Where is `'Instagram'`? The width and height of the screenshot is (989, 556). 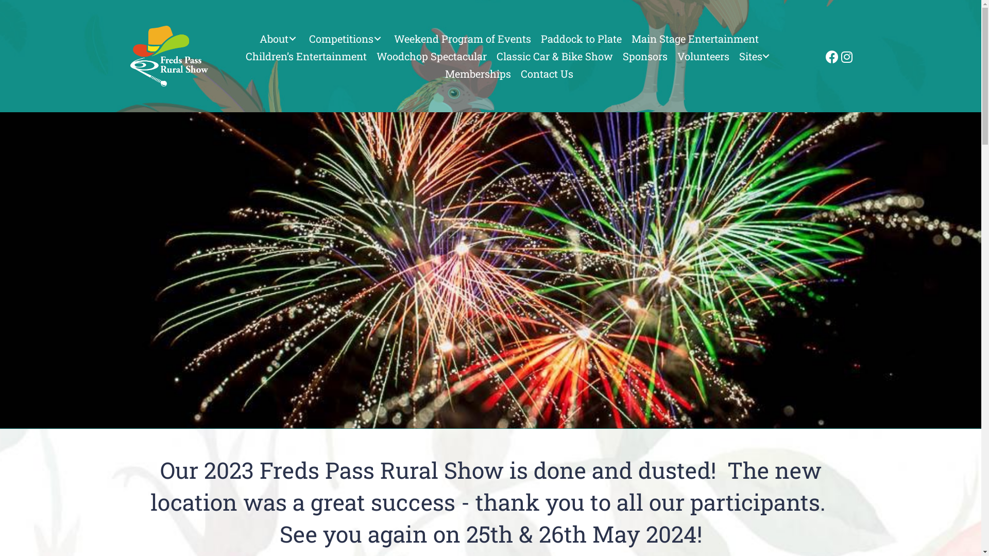 'Instagram' is located at coordinates (845, 56).